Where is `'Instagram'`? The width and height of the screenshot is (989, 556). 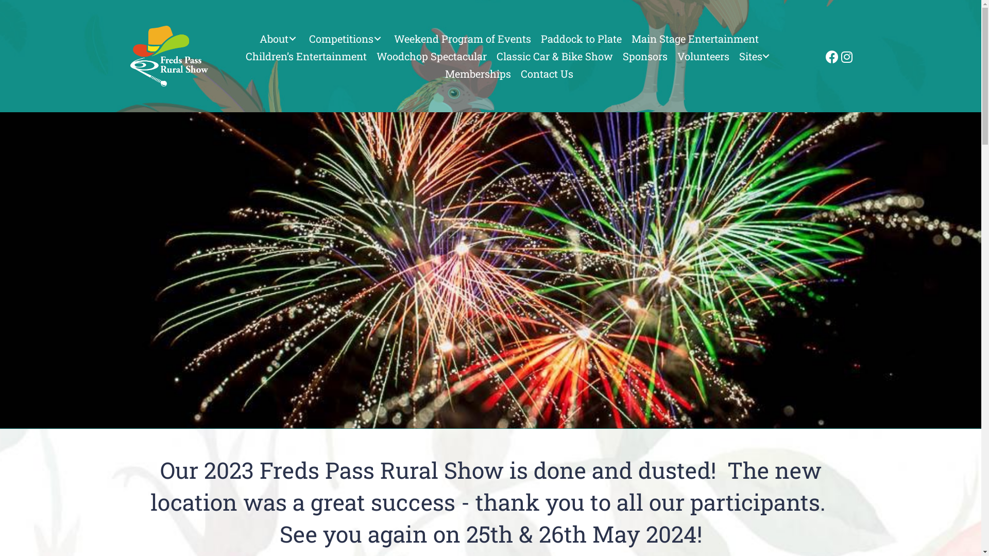 'Instagram' is located at coordinates (845, 56).